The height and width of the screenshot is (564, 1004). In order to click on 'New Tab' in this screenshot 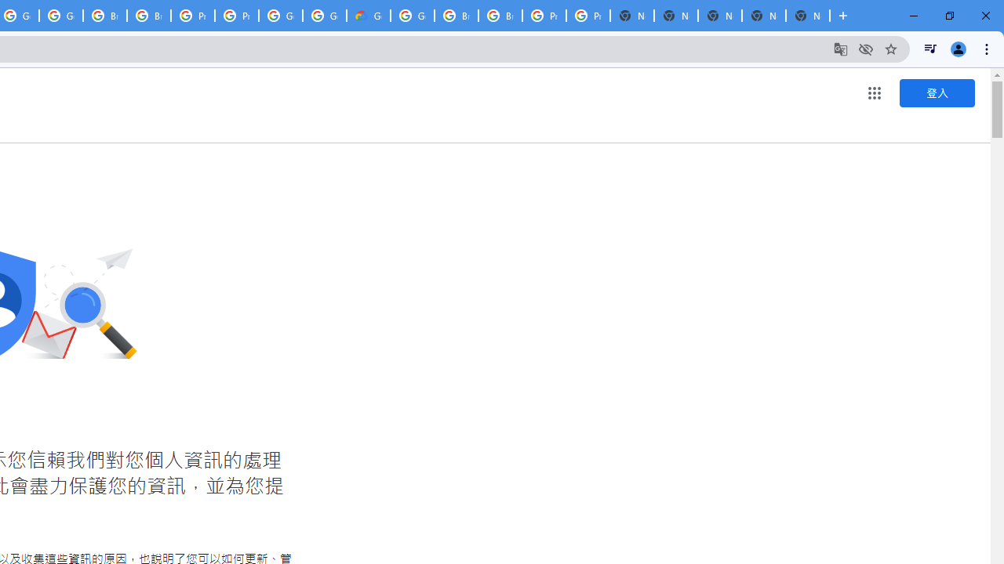, I will do `click(808, 16)`.